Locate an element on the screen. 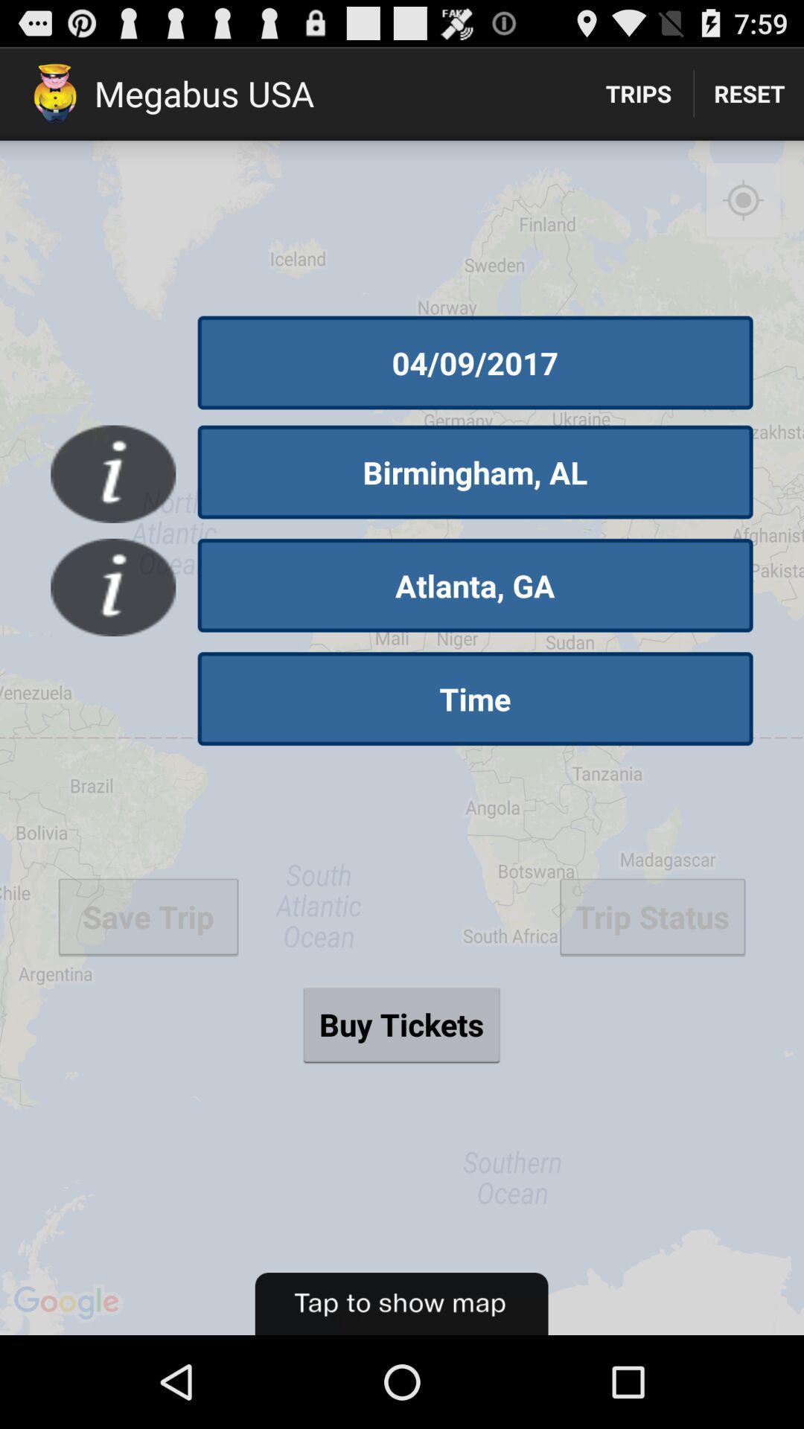 This screenshot has width=804, height=1429. save trip is located at coordinates (148, 915).